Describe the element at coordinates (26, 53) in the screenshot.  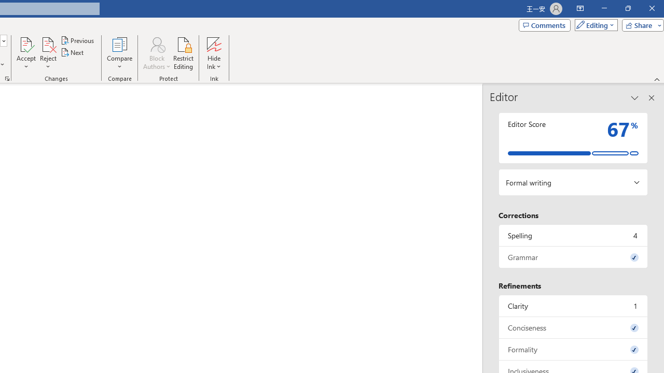
I see `'Accept'` at that location.